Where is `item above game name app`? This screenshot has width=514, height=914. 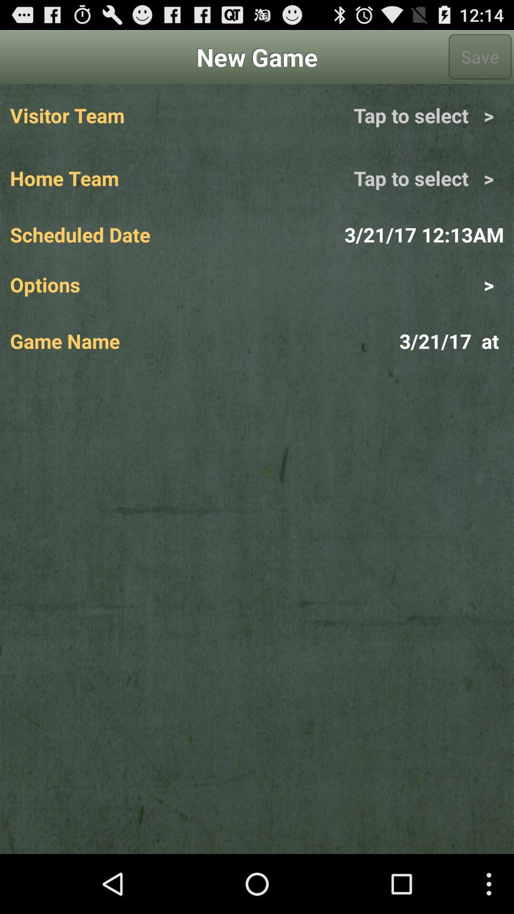
item above game name app is located at coordinates (380, 284).